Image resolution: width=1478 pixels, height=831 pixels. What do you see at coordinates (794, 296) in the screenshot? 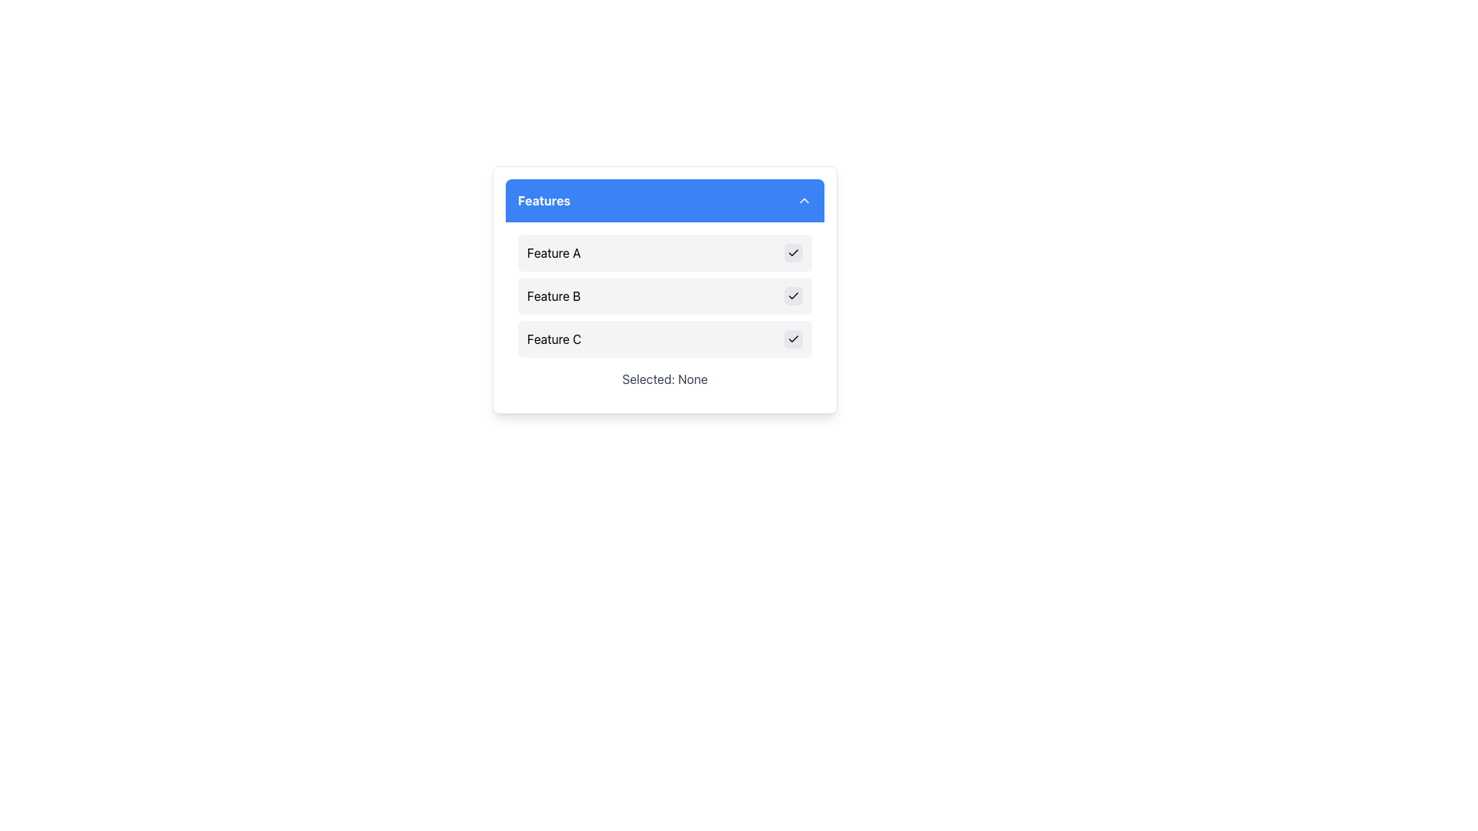
I see `the checkbox located to the right of the 'Feature B' label` at bounding box center [794, 296].